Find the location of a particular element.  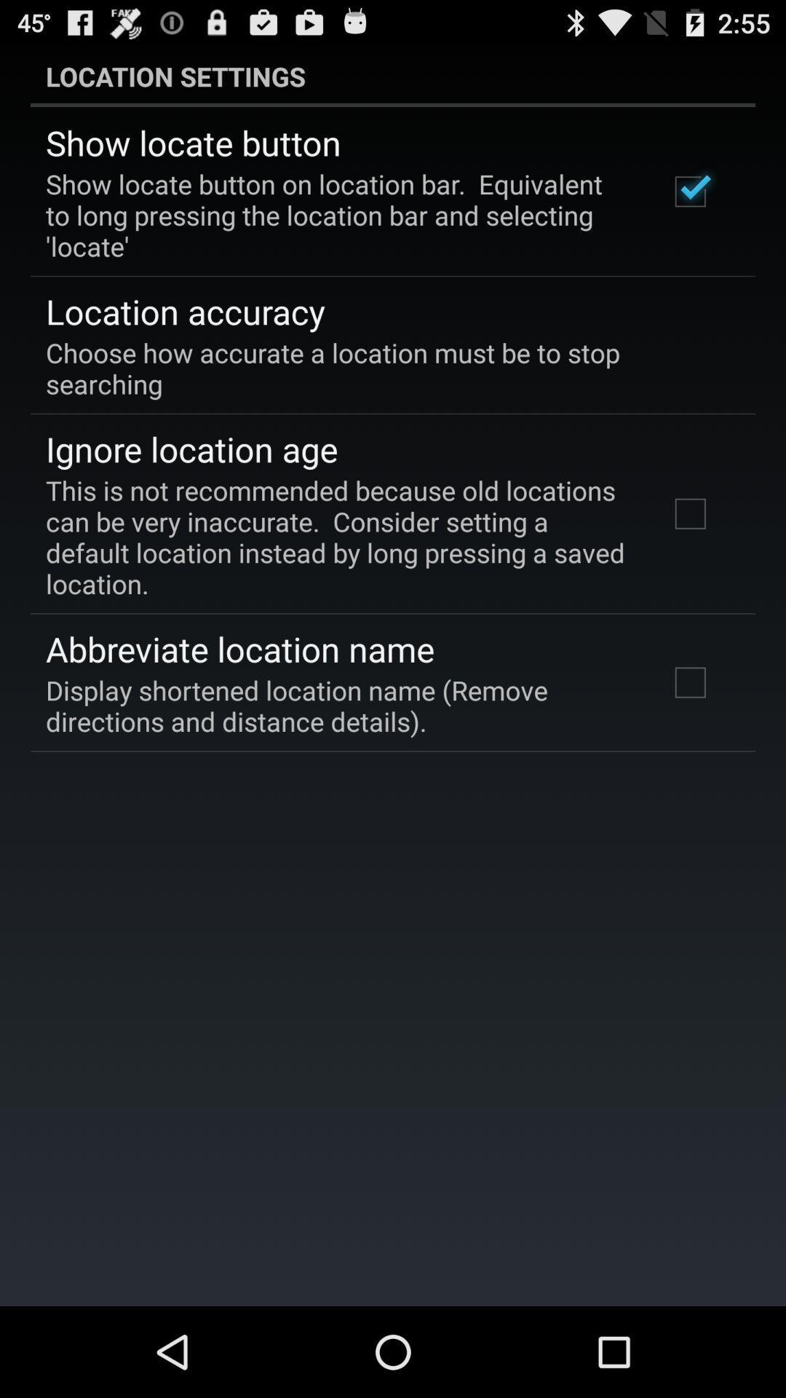

choose how accurate app is located at coordinates (382, 368).